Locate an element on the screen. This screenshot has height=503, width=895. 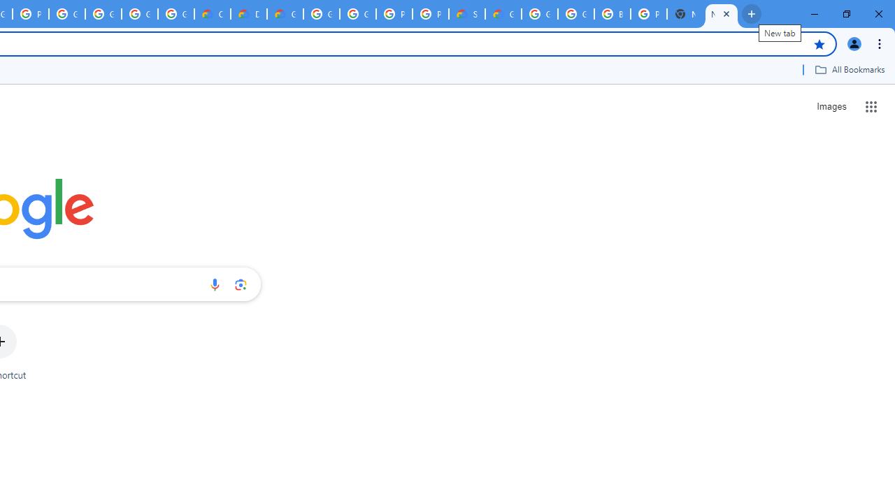
'Search by voice' is located at coordinates (214, 284).